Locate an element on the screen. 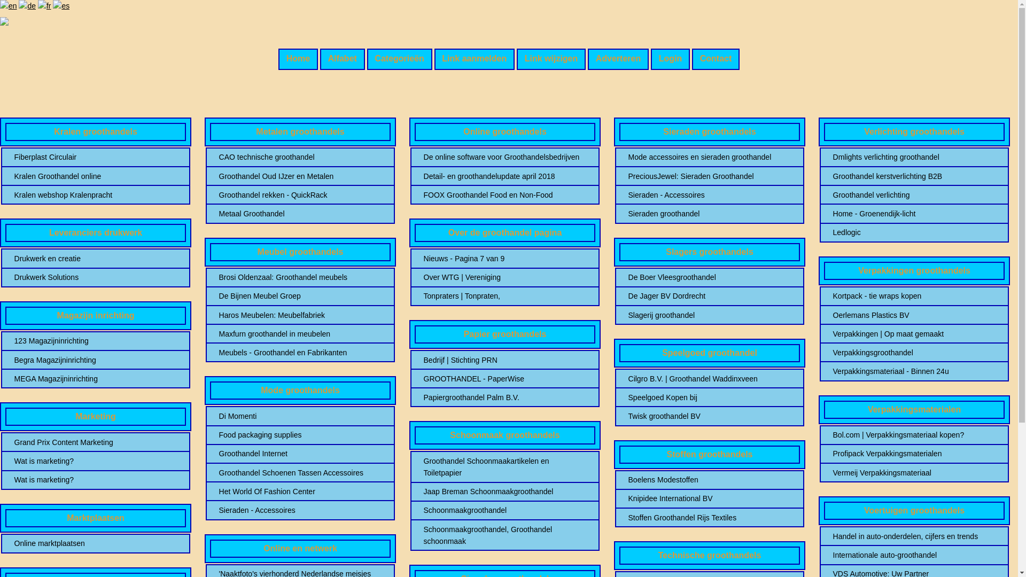 The width and height of the screenshot is (1026, 577). 'Tonpraters | Tonpraten,' is located at coordinates (504, 296).